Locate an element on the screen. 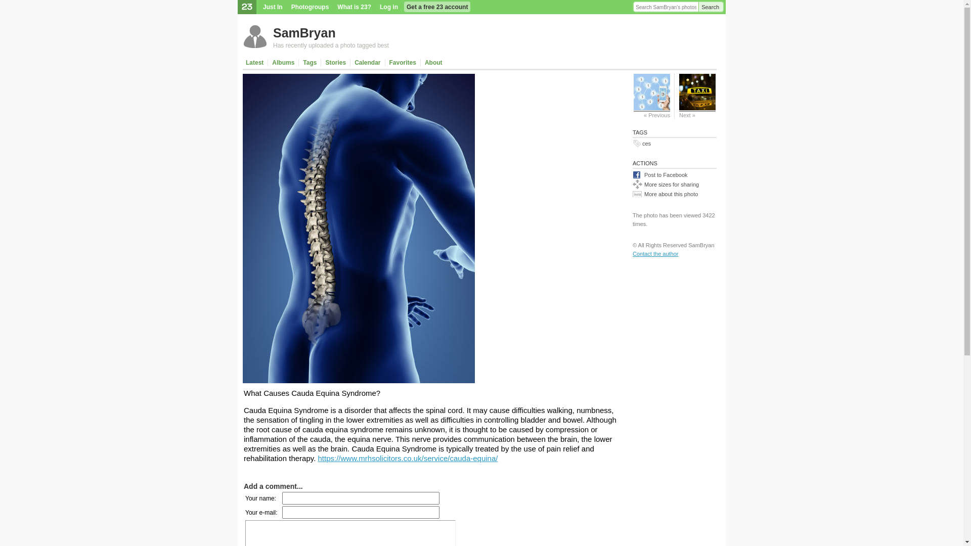  'Latest' is located at coordinates (244, 62).